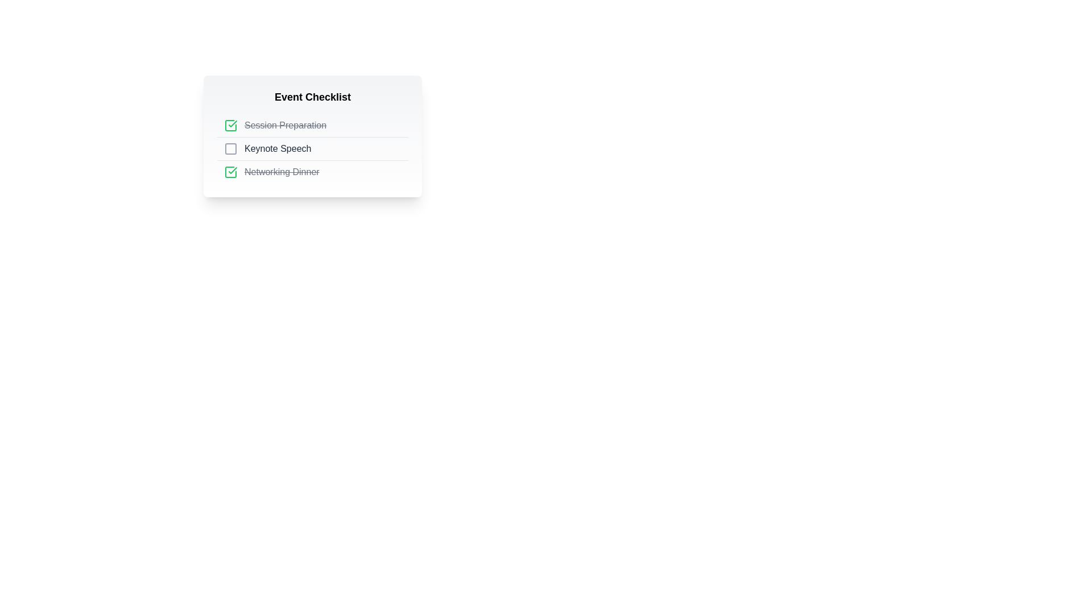 The height and width of the screenshot is (614, 1092). I want to click on the 'Networking Dinner' text label with a strikethrough style and a green check icon, which indicates that it has been marked as completed, located in the third position of the checklist interface, so click(313, 172).